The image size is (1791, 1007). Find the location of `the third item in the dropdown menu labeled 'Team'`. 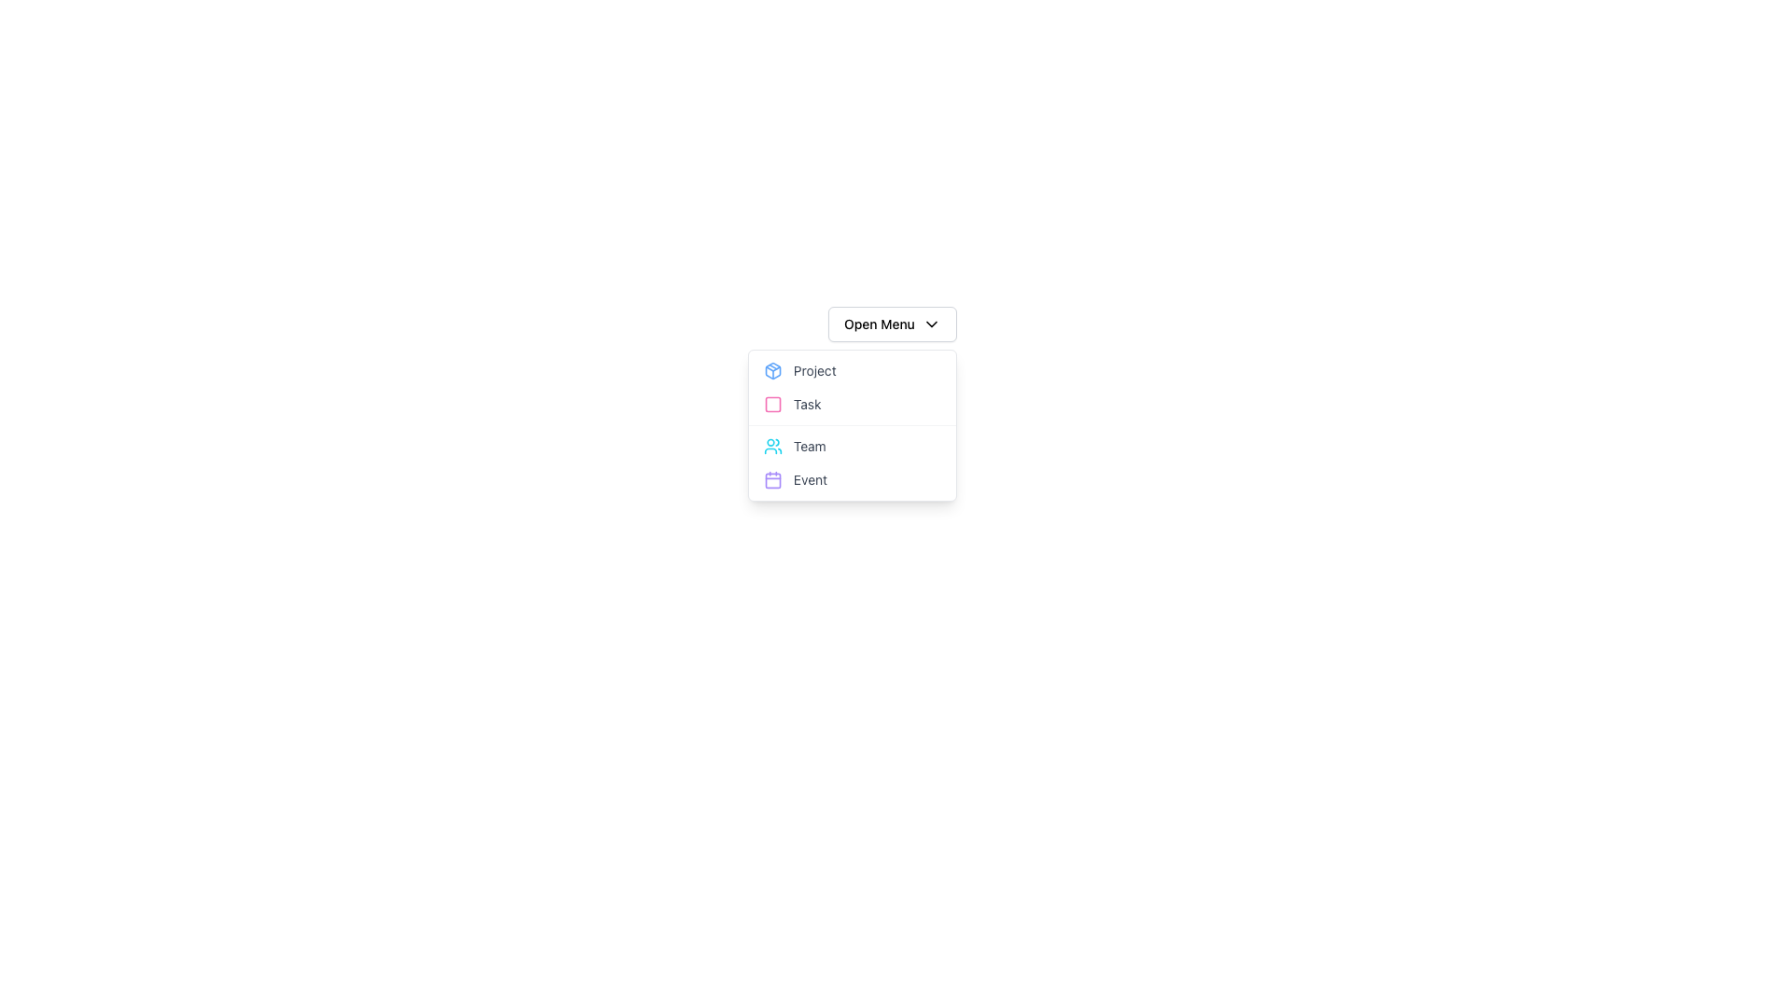

the third item in the dropdown menu labeled 'Team' is located at coordinates (851, 446).